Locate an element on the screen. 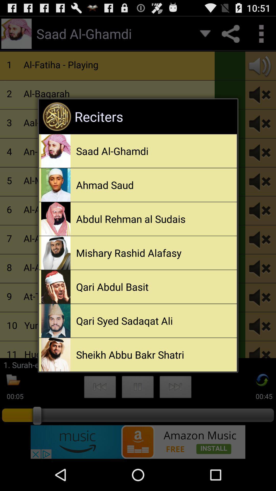  the share icon is located at coordinates (231, 36).